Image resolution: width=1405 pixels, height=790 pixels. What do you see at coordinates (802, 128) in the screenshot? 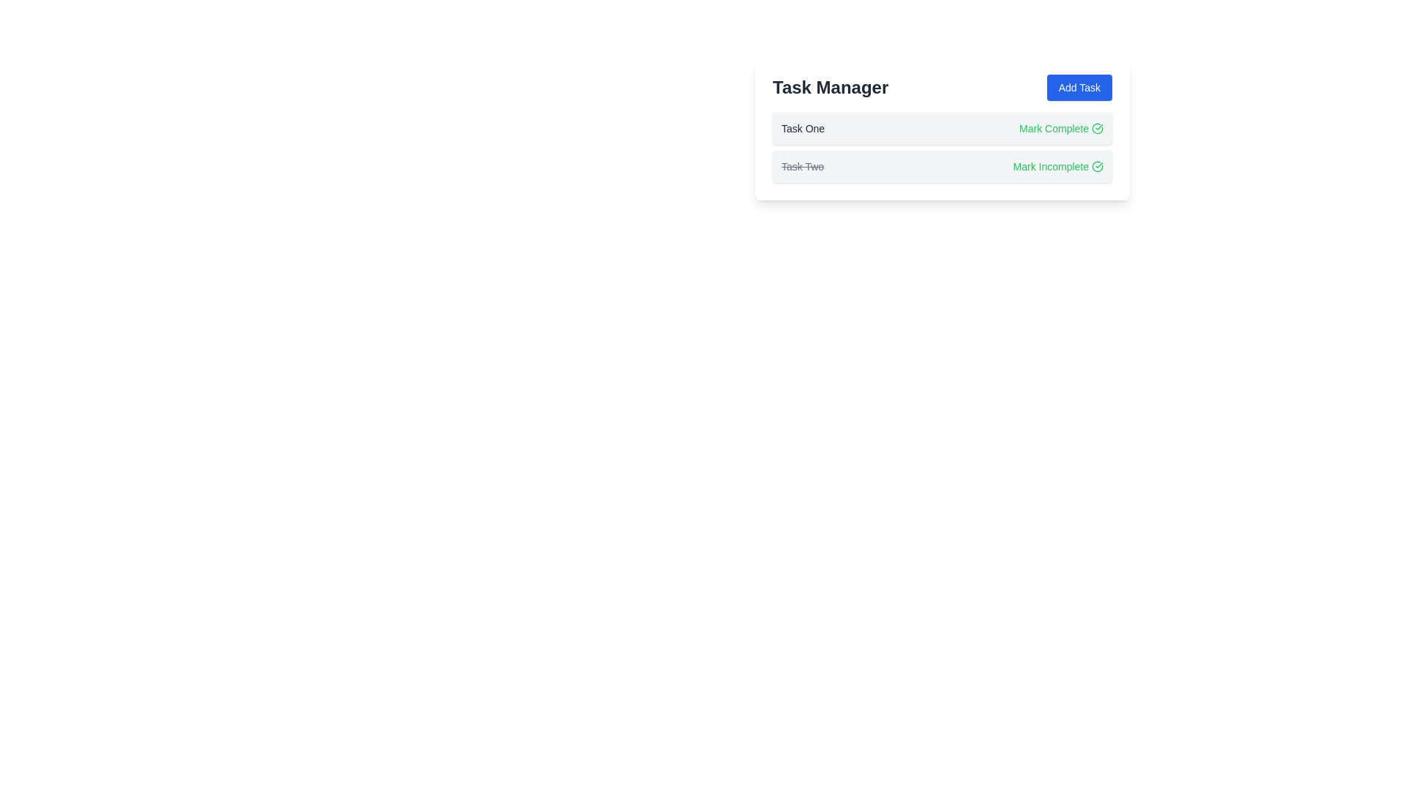
I see `the Text Label that displays the task's title in the first row of the task management list` at bounding box center [802, 128].